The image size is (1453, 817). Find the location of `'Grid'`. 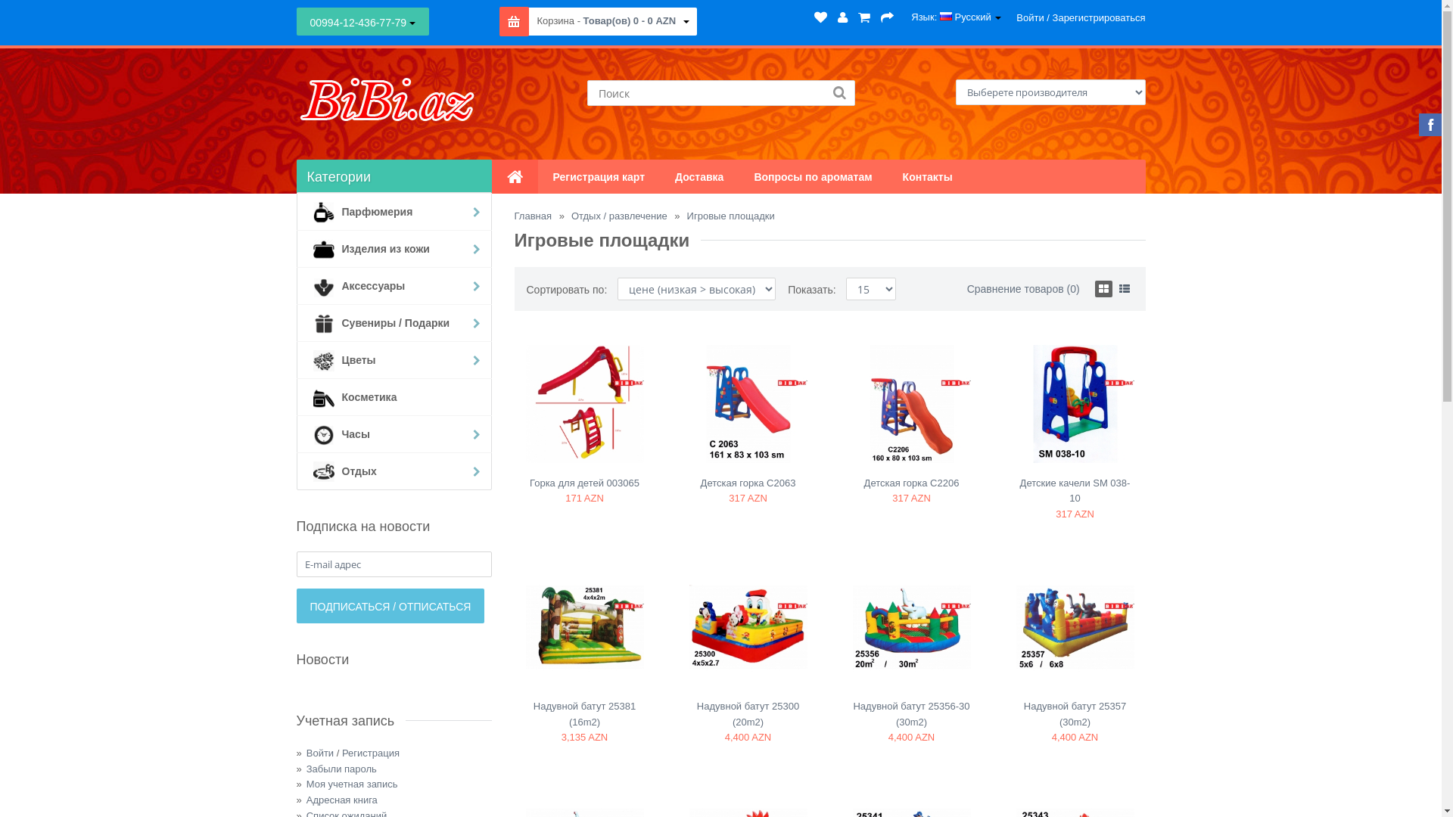

'Grid' is located at coordinates (1103, 288).